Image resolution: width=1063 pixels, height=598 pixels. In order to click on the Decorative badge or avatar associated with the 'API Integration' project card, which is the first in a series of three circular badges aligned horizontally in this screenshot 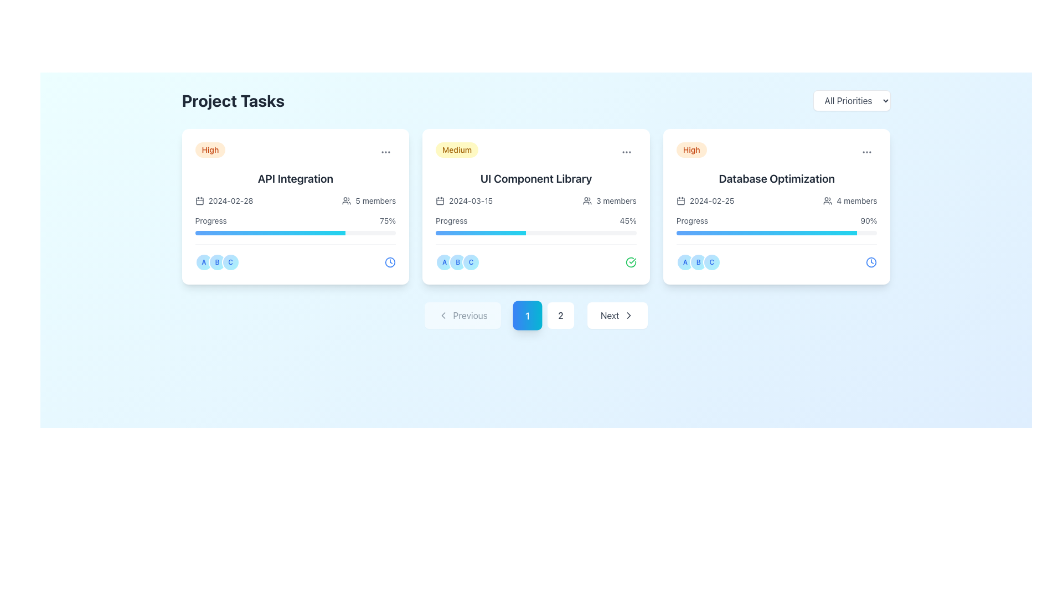, I will do `click(204, 262)`.